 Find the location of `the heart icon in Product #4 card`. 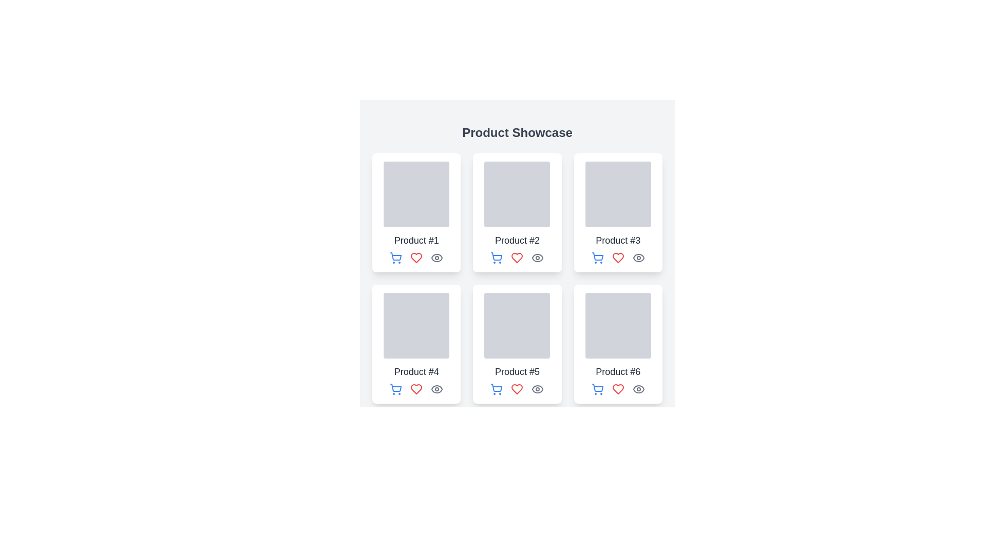

the heart icon in Product #4 card is located at coordinates (416, 389).